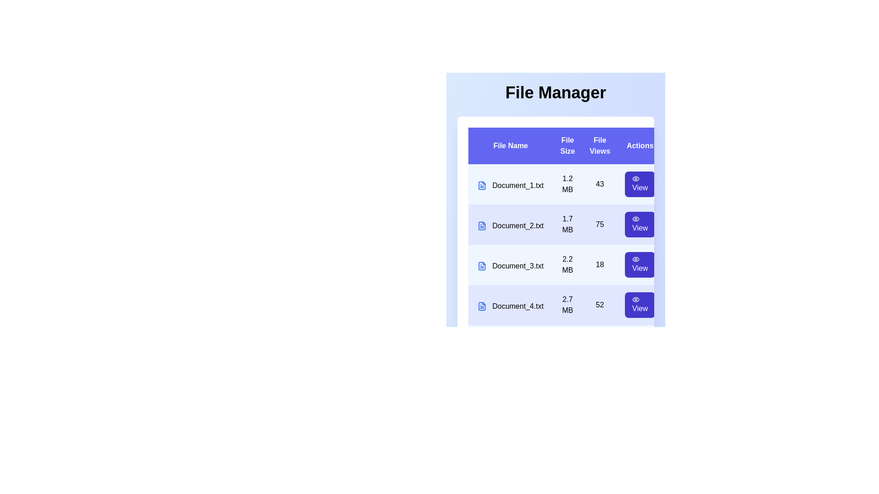  I want to click on the 'View' button corresponding to the file with name Document_2.txt, so click(640, 224).